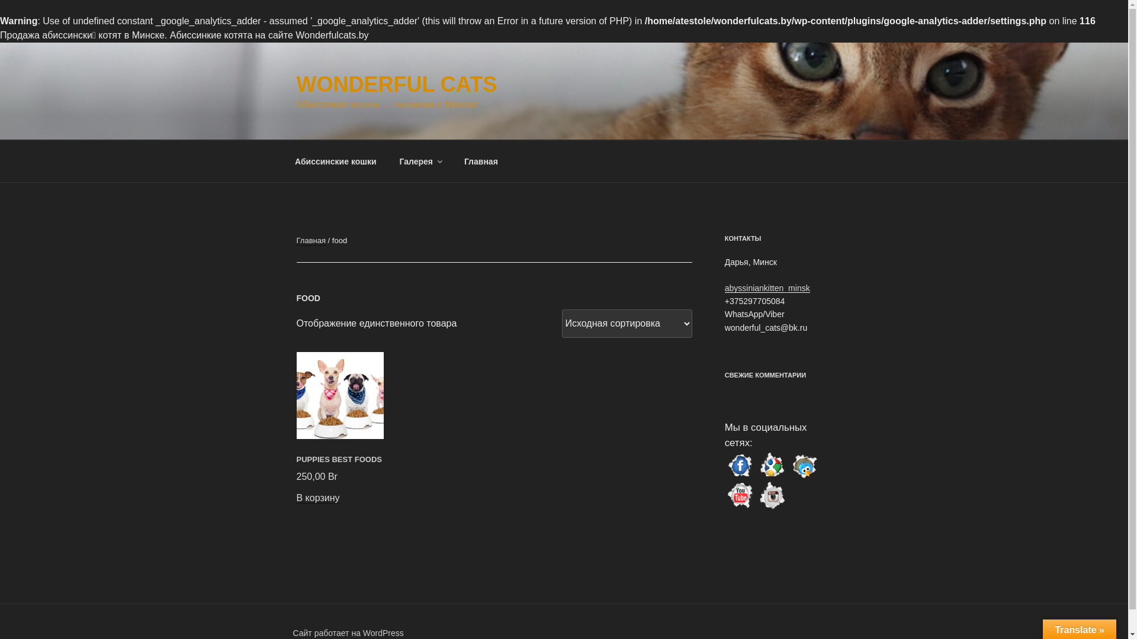 The image size is (1137, 639). I want to click on 'WONDERFUL CATS', so click(396, 83).